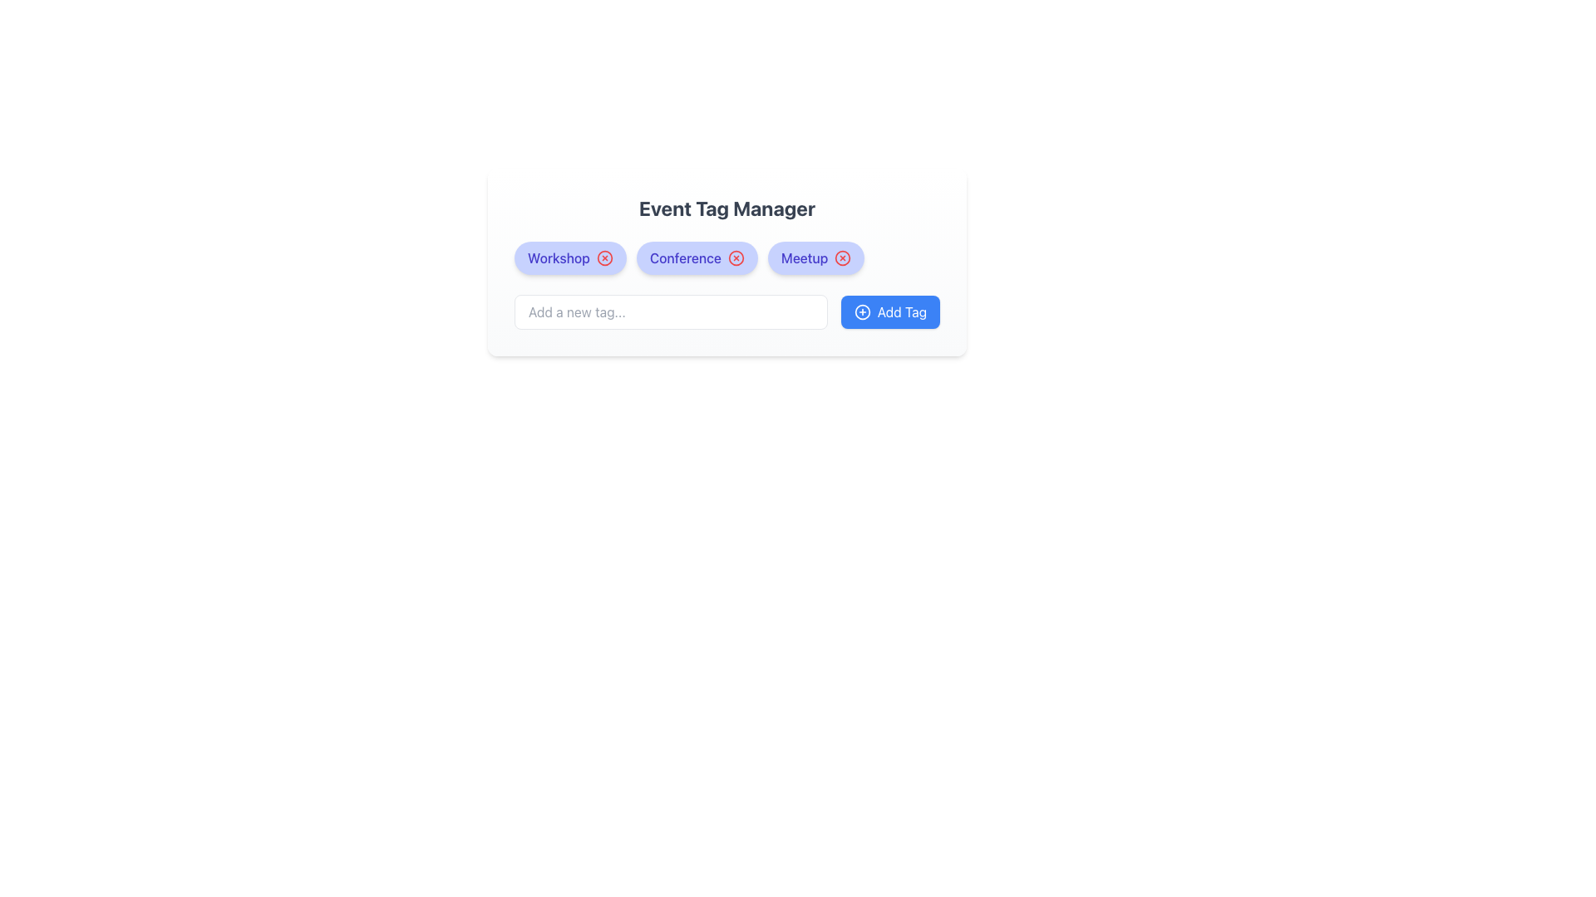  Describe the element at coordinates (685, 258) in the screenshot. I see `the 'Conference' text label, which is centrally positioned between the 'Workshop' and 'Meetup' tags in the interface` at that location.